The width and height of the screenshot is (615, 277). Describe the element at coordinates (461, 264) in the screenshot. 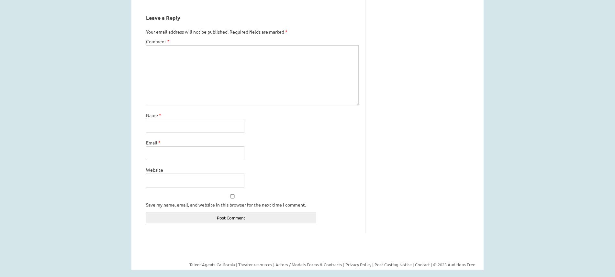

I see `'Auditions Free'` at that location.